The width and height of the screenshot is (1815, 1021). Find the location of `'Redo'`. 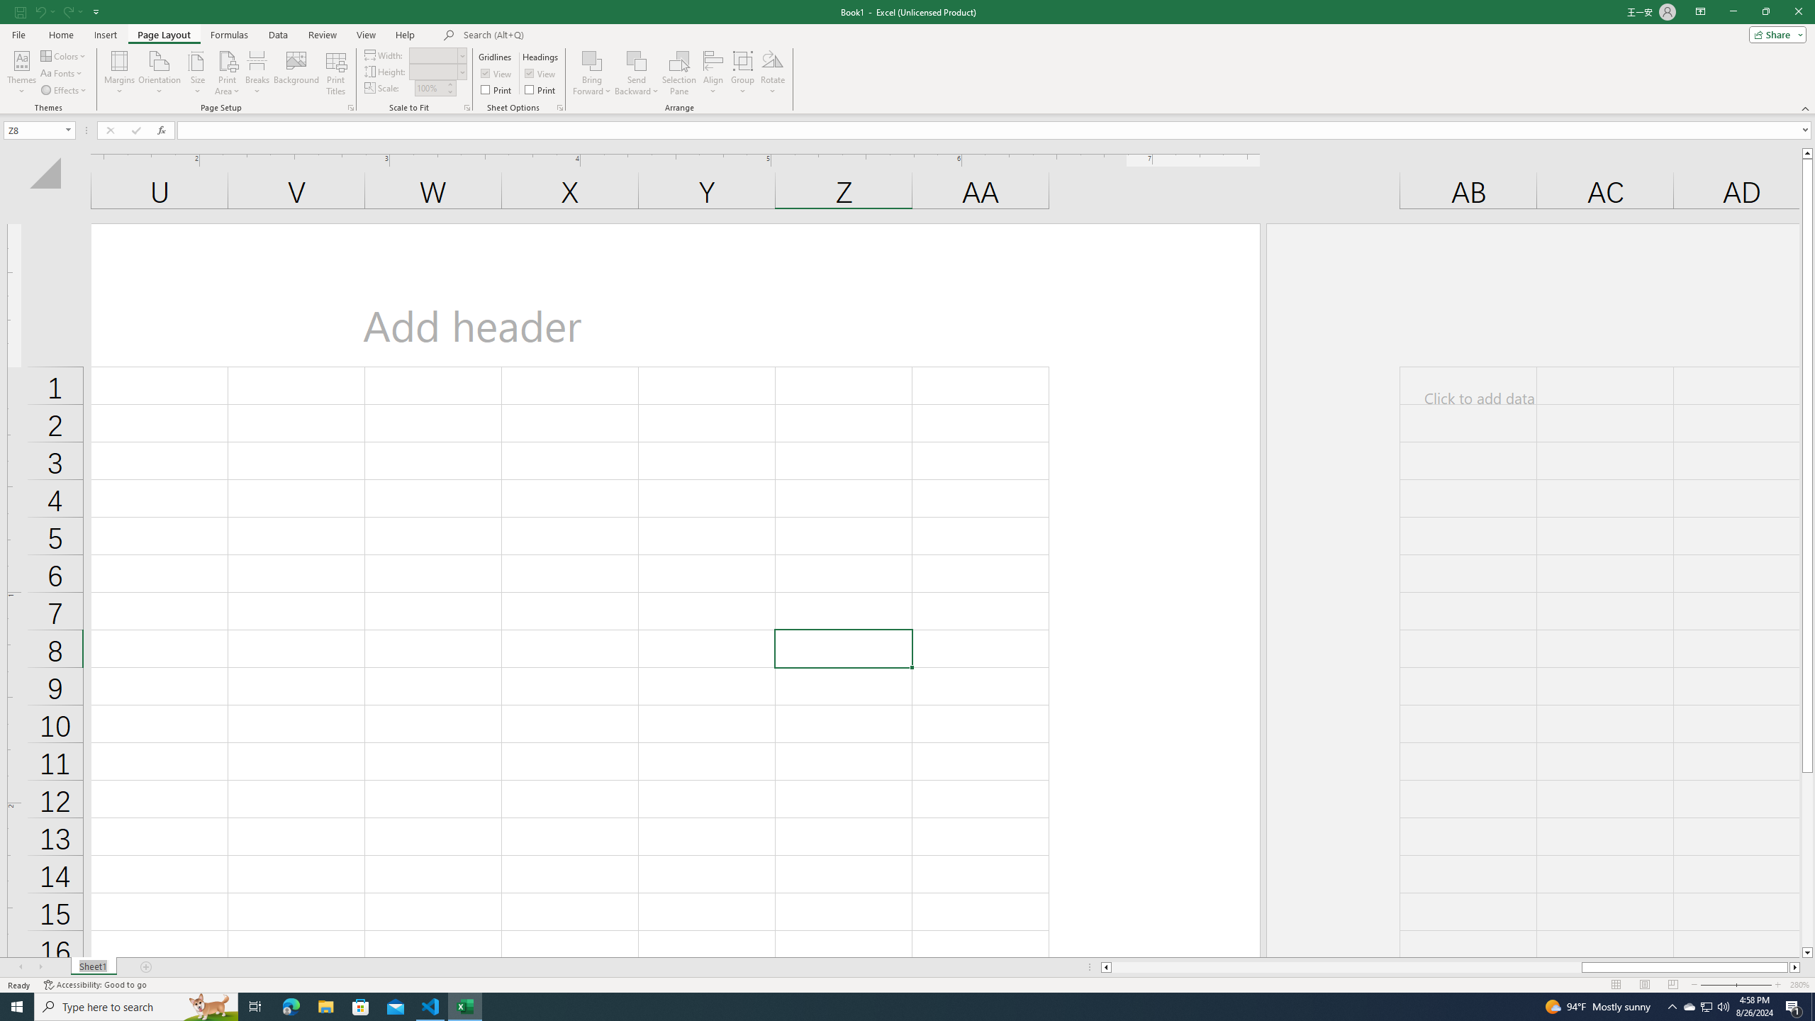

'Redo' is located at coordinates (66, 11).